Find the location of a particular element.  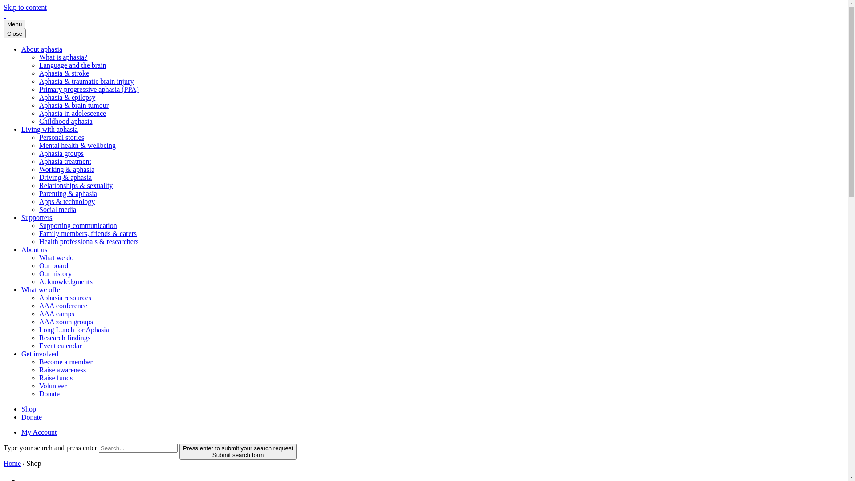

'Supporters' is located at coordinates (36, 217).